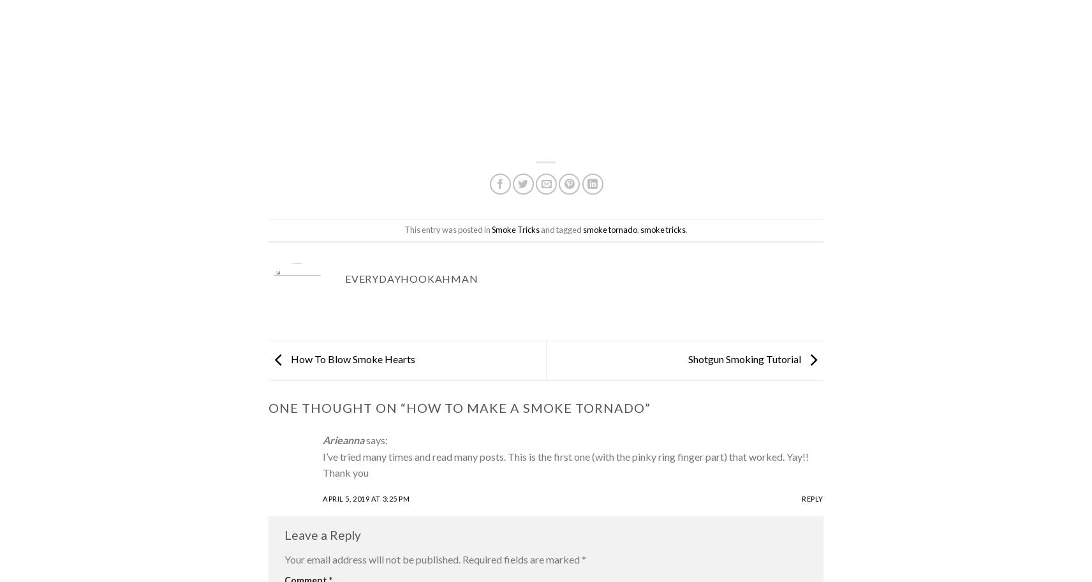 This screenshot has height=582, width=1092. What do you see at coordinates (371, 558) in the screenshot?
I see `'Your email address will not be published.'` at bounding box center [371, 558].